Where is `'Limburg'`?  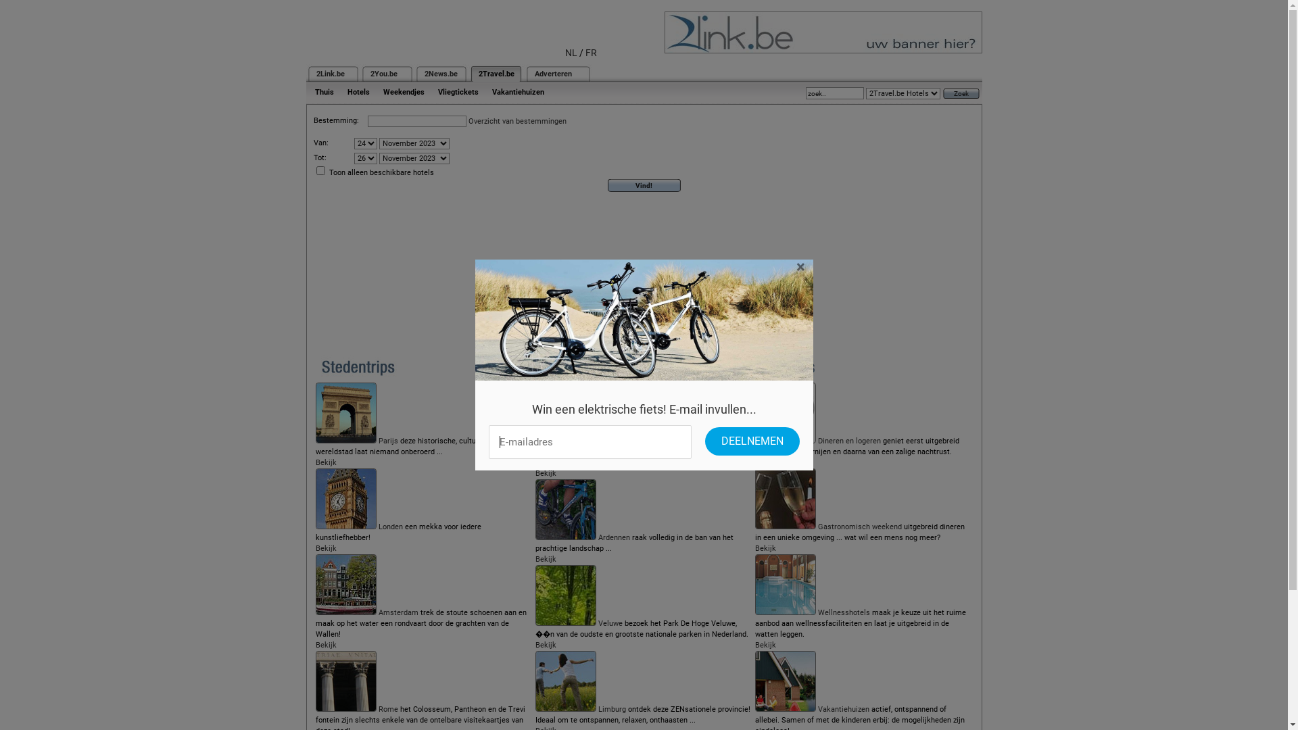 'Limburg' is located at coordinates (611, 708).